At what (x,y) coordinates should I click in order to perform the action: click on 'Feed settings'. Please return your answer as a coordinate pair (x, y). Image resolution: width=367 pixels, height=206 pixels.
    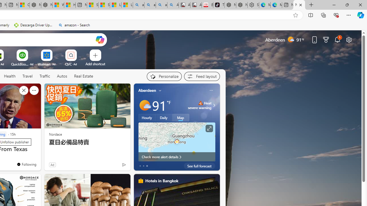
    Looking at the image, I should click on (202, 76).